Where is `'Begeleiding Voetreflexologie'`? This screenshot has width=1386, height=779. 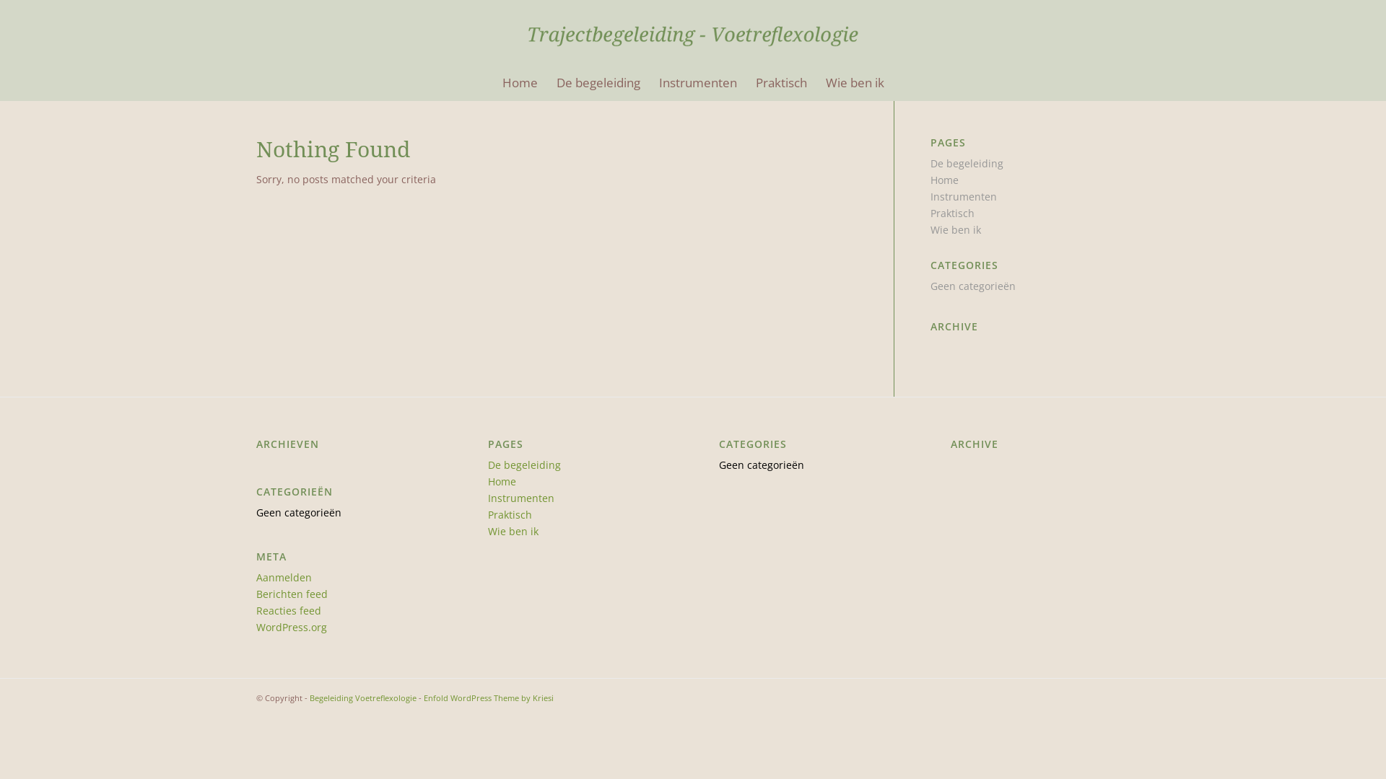 'Begeleiding Voetreflexologie' is located at coordinates (363, 697).